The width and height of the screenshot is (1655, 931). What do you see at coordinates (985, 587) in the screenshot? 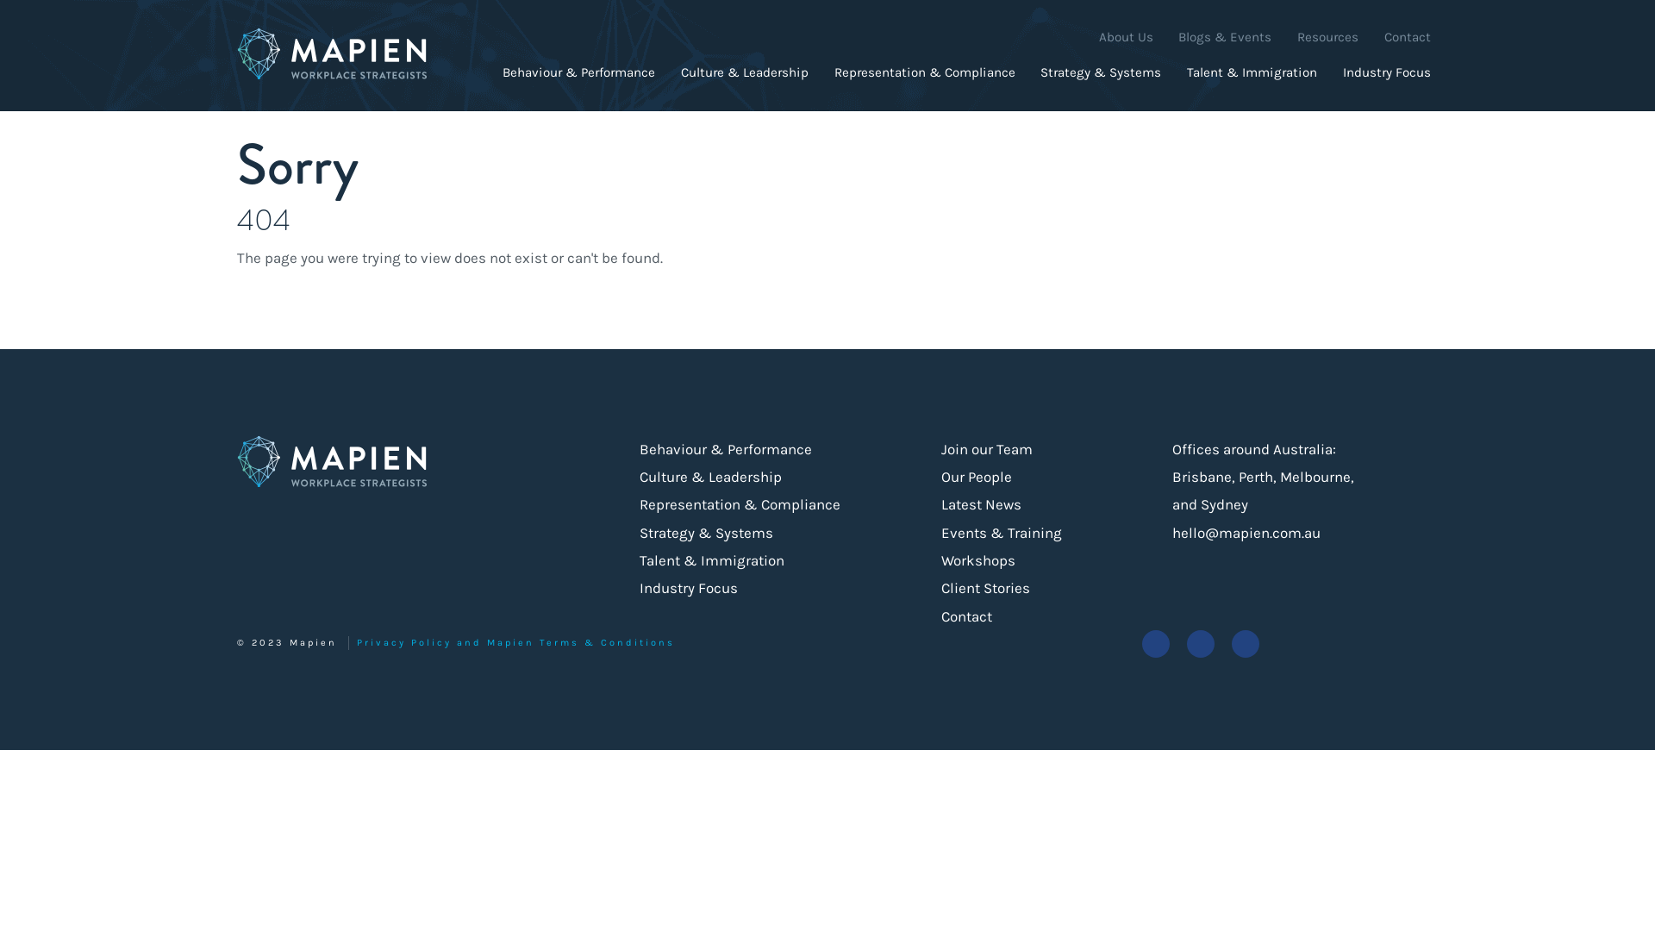
I see `'Client Stories'` at bounding box center [985, 587].